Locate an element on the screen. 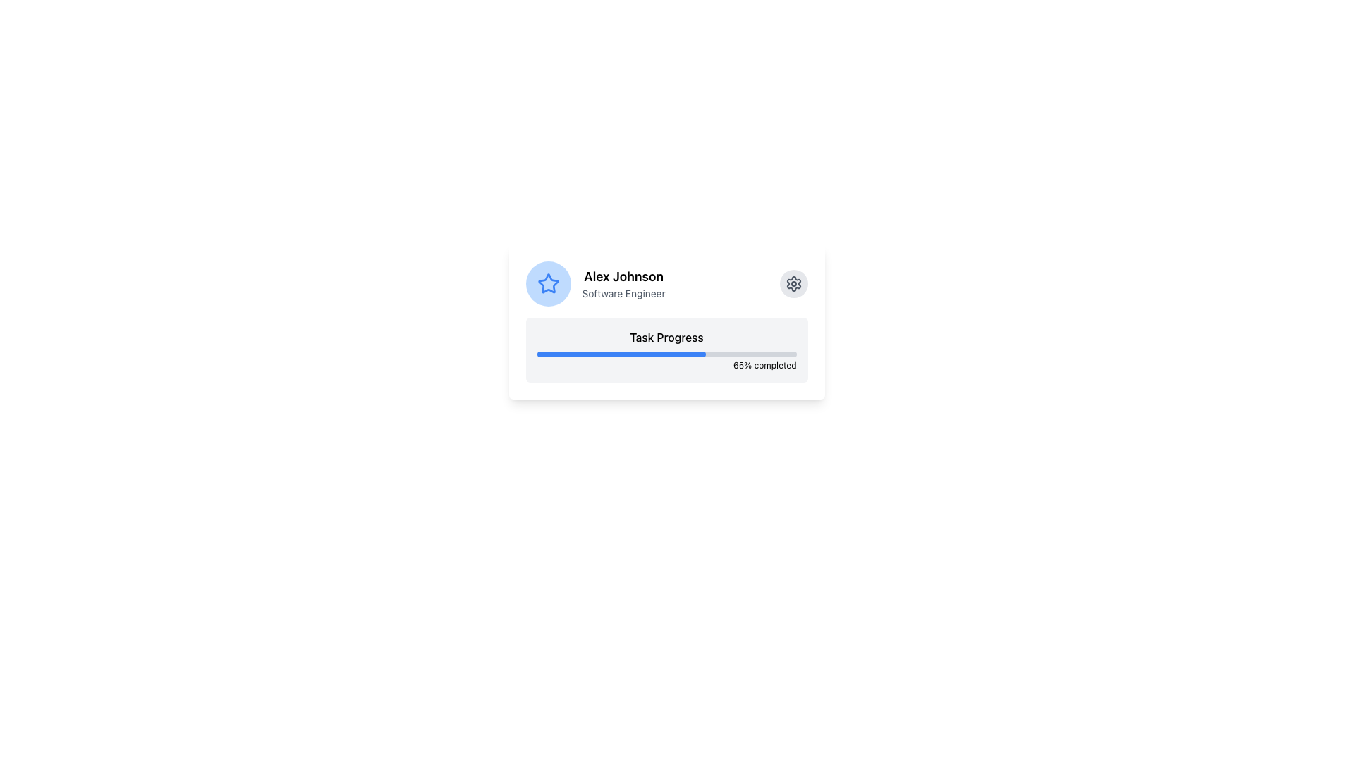 This screenshot has width=1354, height=761. the Text Label that displays the user's job title, located in the center-right portion of the card below 'Alex Johnson' and above 'Task Progress' is located at coordinates (623, 292).